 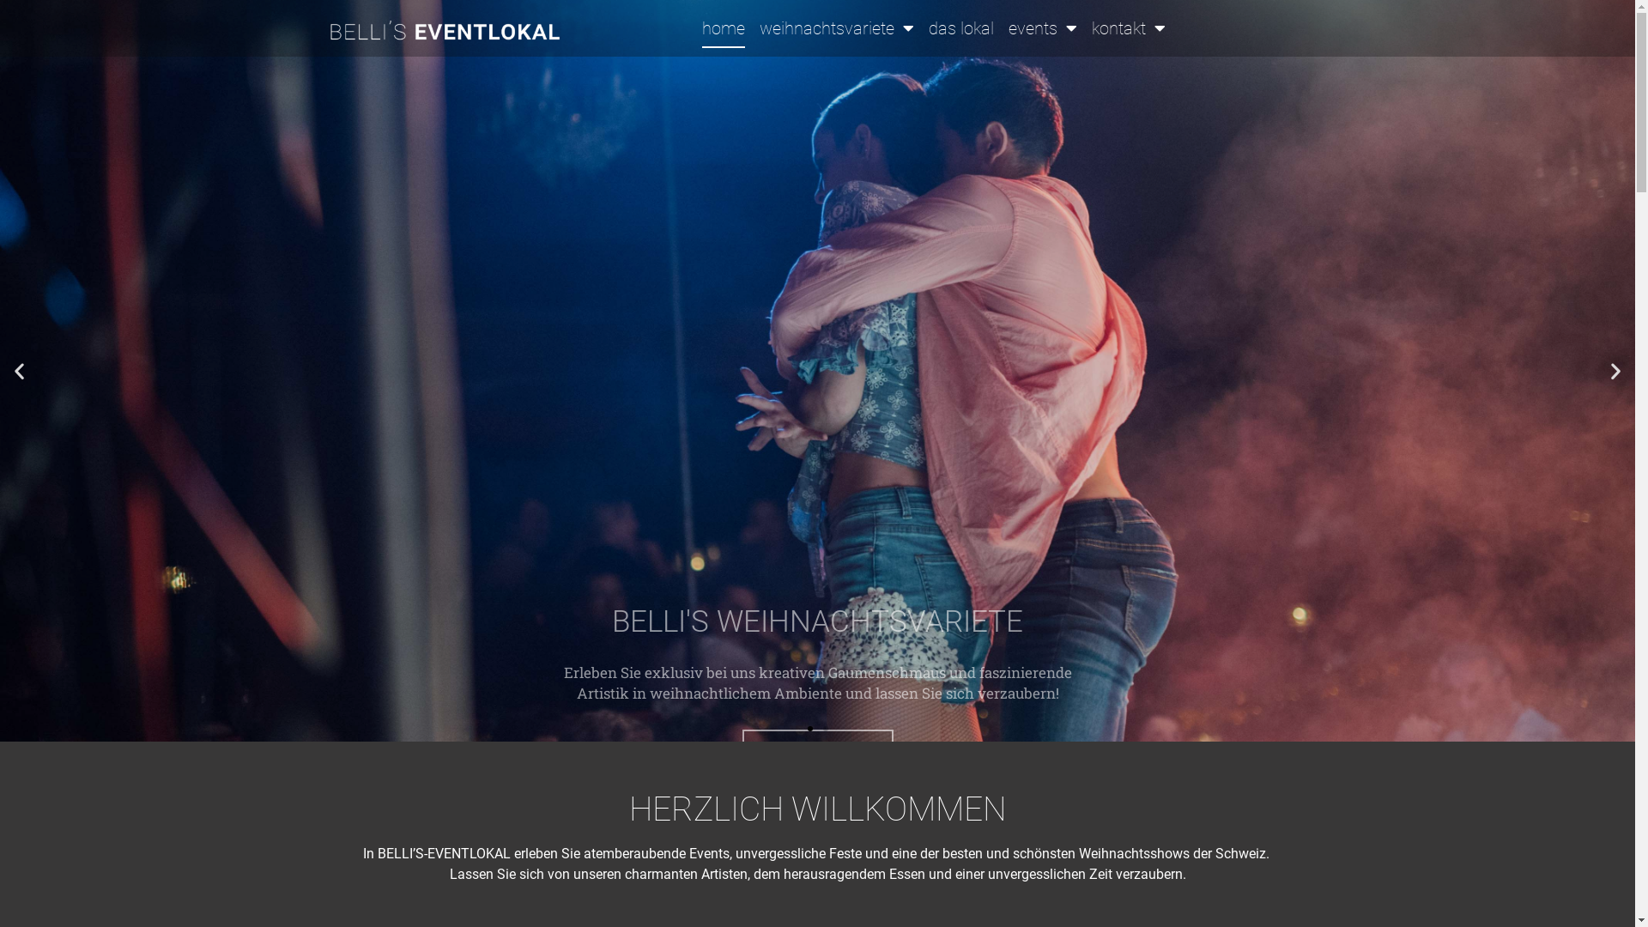 I want to click on 'Bellis-Eventlokal-nur-Schriftzug-WIDE', so click(x=445, y=32).